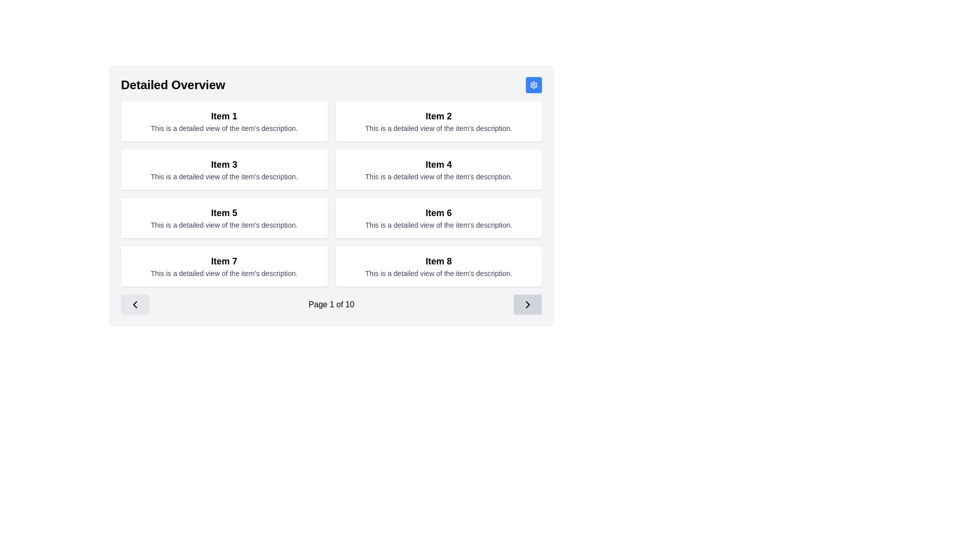 The width and height of the screenshot is (968, 544). Describe the element at coordinates (527, 304) in the screenshot. I see `the right-pointing chevron arrow icon located in the bottom right corner of the layout` at that location.